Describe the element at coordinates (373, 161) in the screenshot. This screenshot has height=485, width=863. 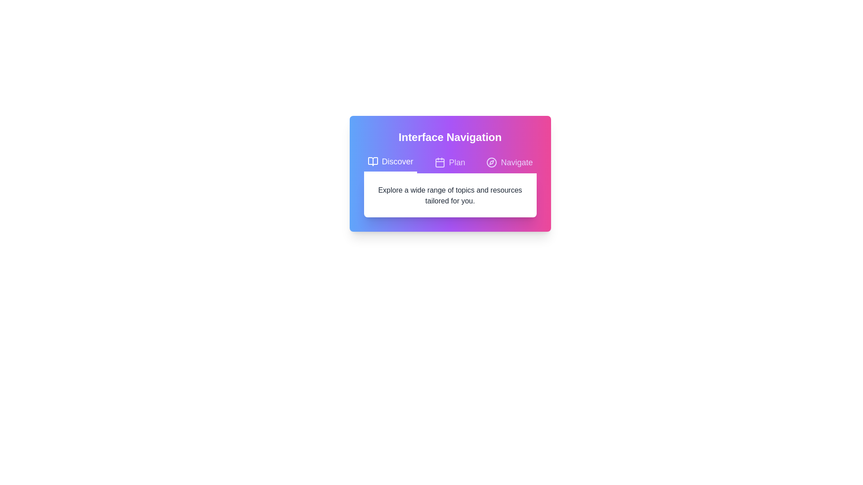
I see `the 'Discover' icon located on the left side of the card interface in the toolbar at the top to enable keyboard navigation` at that location.